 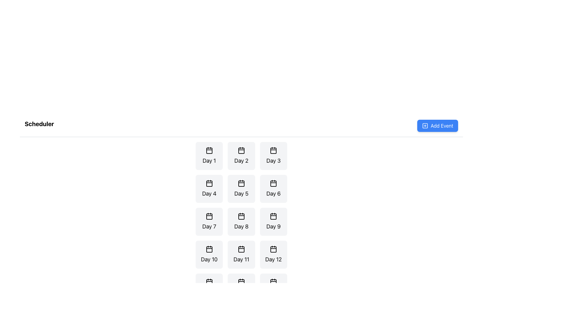 What do you see at coordinates (241, 183) in the screenshot?
I see `the calendar icon located at the top-center of the 'Day 5' card in the grid interface` at bounding box center [241, 183].